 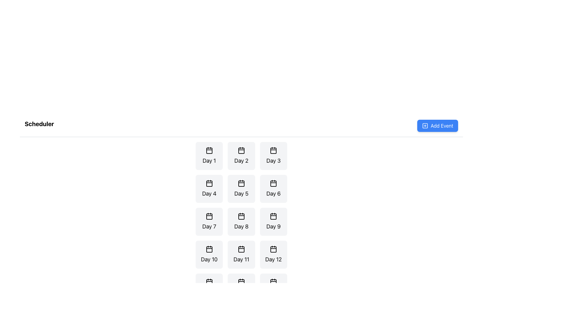 What do you see at coordinates (241, 183) in the screenshot?
I see `the calendar icon located at the top-center of the 'Day 5' card in the grid interface` at bounding box center [241, 183].